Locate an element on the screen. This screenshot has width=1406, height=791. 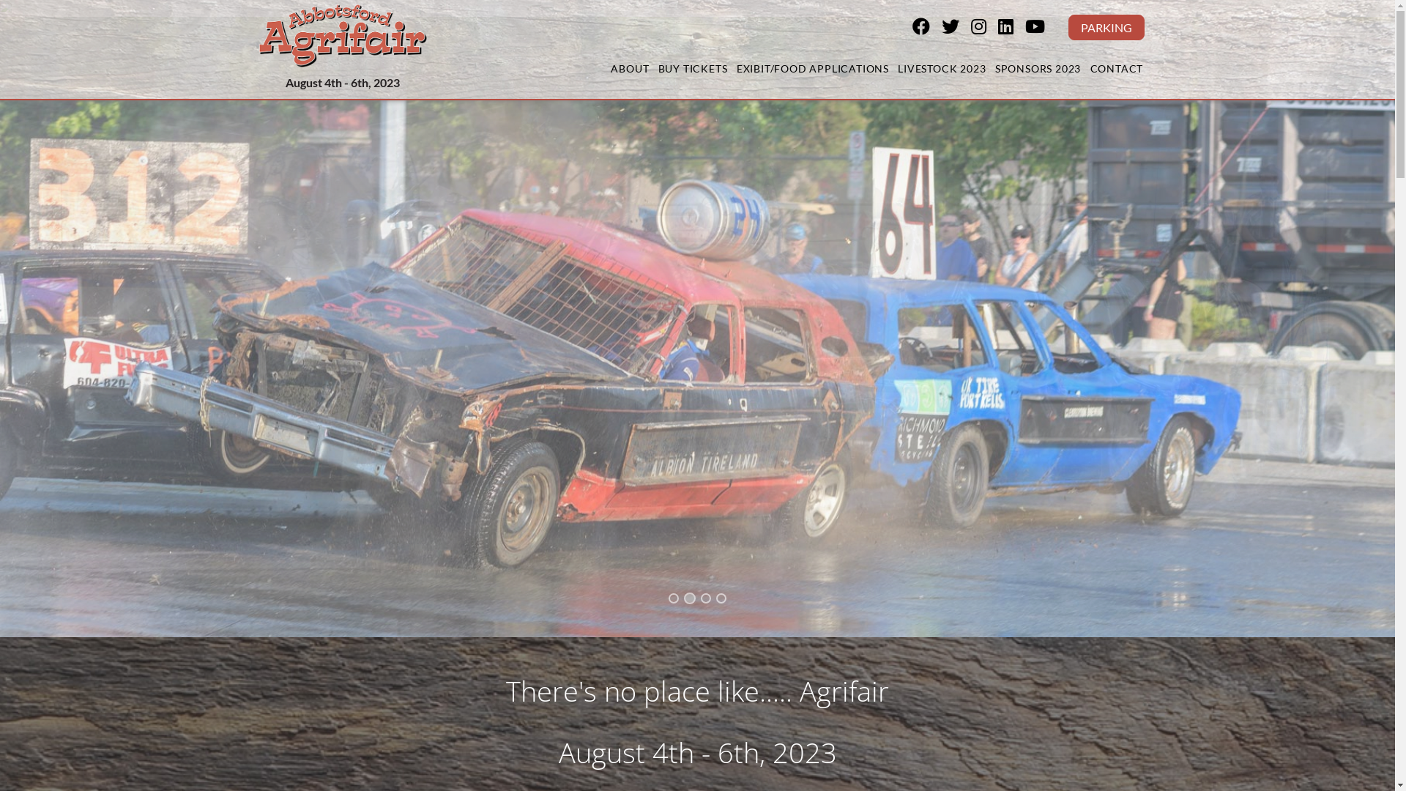
'Abbotsford Agrifair @ Linkedin' is located at coordinates (1010, 28).